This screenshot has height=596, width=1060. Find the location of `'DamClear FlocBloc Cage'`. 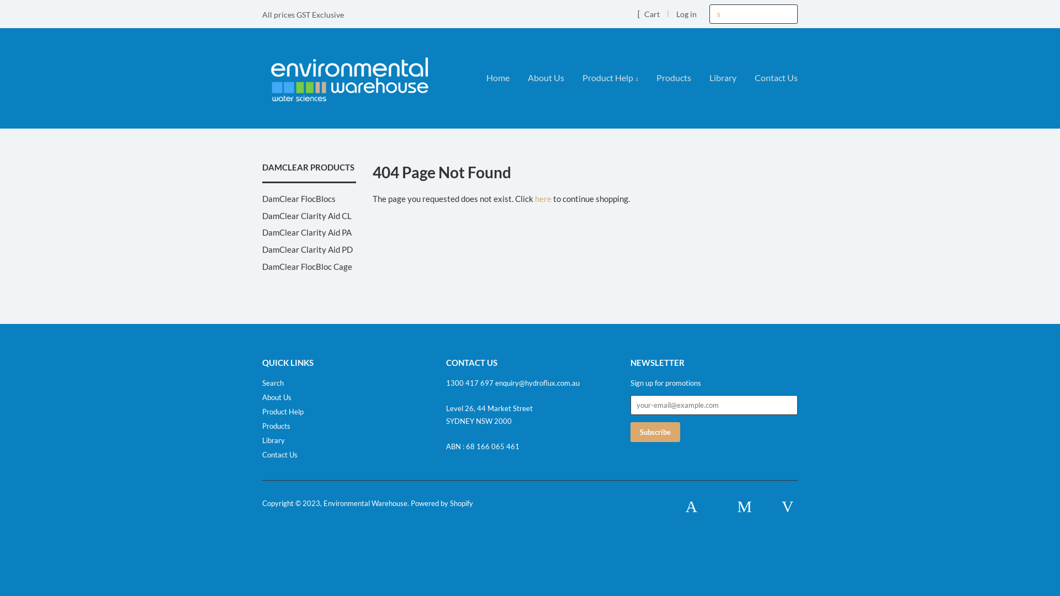

'DamClear FlocBloc Cage' is located at coordinates (307, 266).